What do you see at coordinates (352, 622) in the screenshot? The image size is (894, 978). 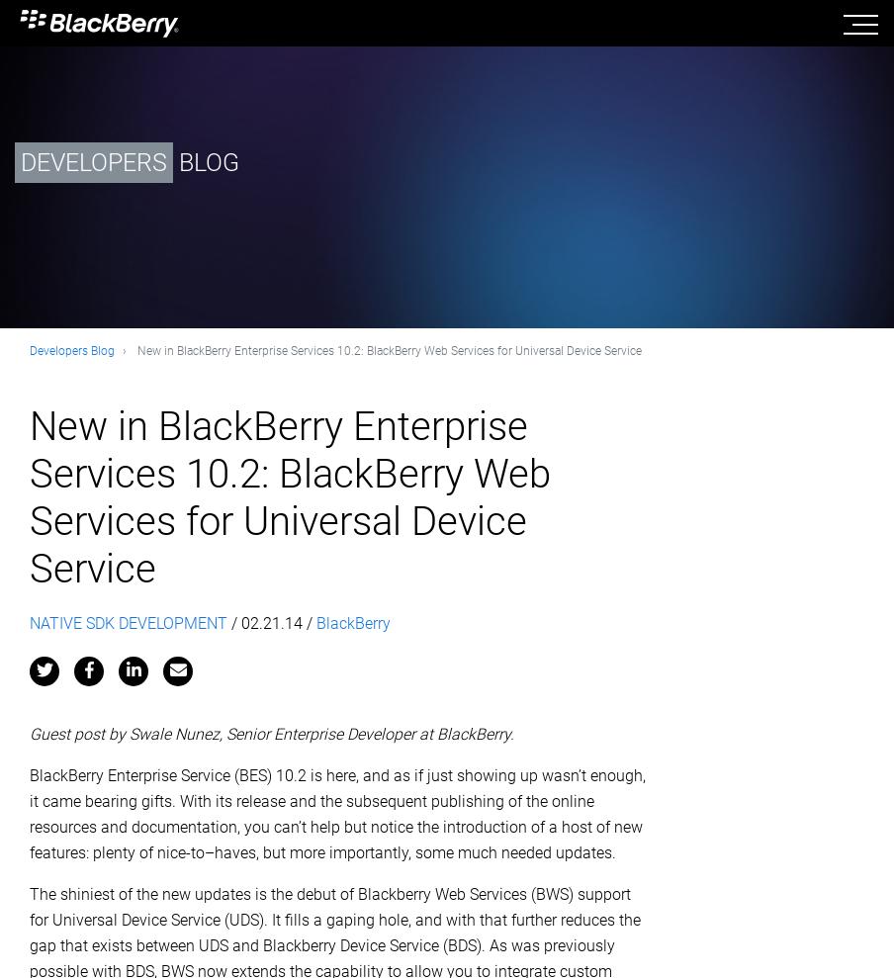 I see `'BlackBerry'` at bounding box center [352, 622].